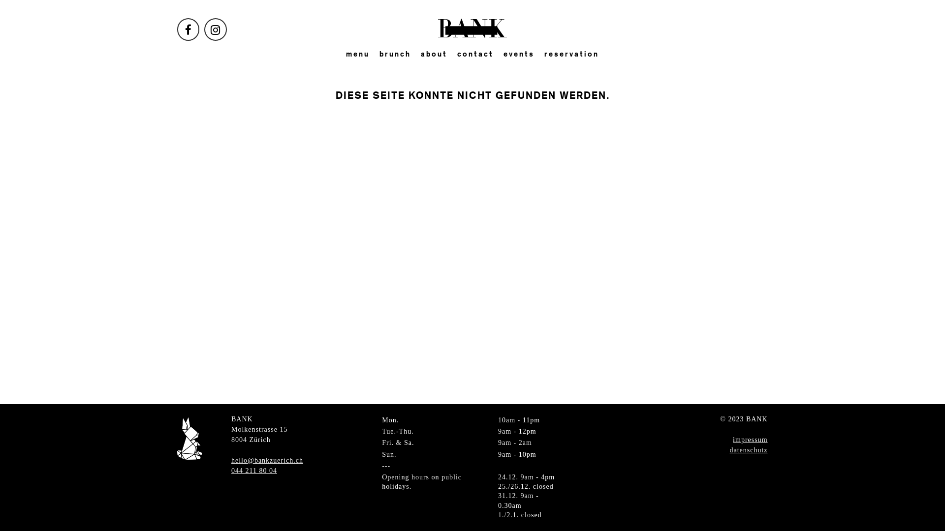 This screenshot has height=531, width=945. Describe the element at coordinates (475, 55) in the screenshot. I see `'contact'` at that location.